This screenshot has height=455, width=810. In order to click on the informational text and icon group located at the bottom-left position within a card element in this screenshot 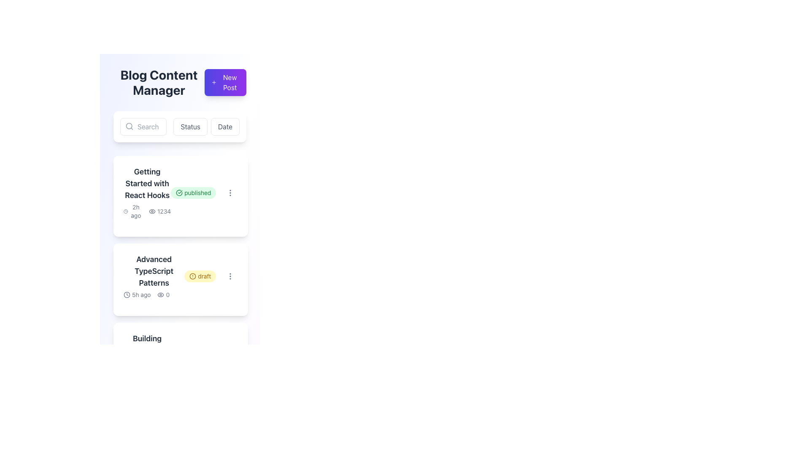, I will do `click(154, 294)`.